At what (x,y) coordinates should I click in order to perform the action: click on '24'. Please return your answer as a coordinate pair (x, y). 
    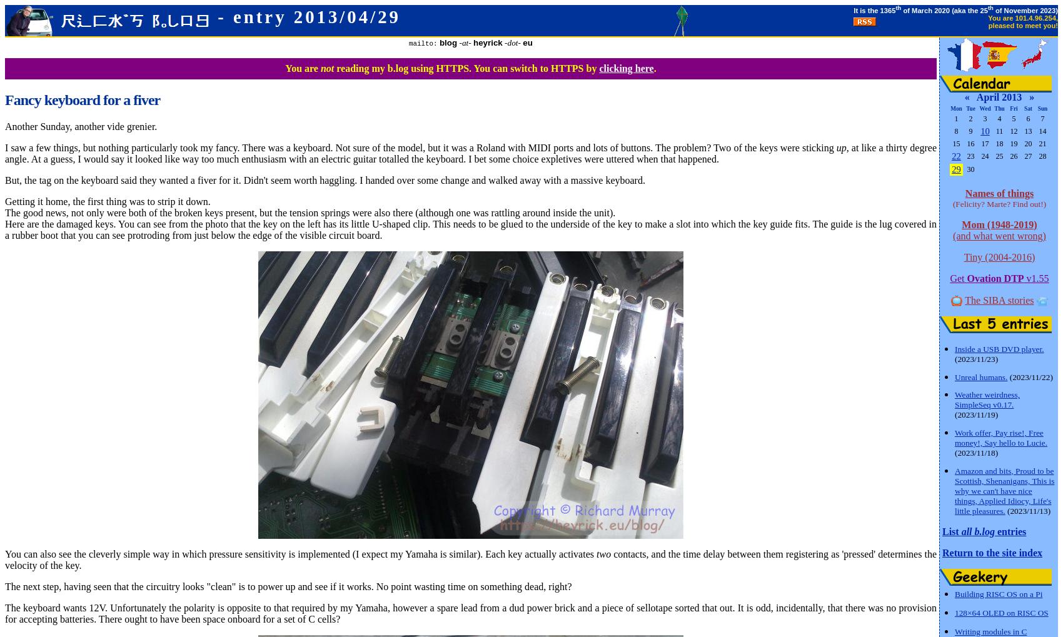
    Looking at the image, I should click on (985, 156).